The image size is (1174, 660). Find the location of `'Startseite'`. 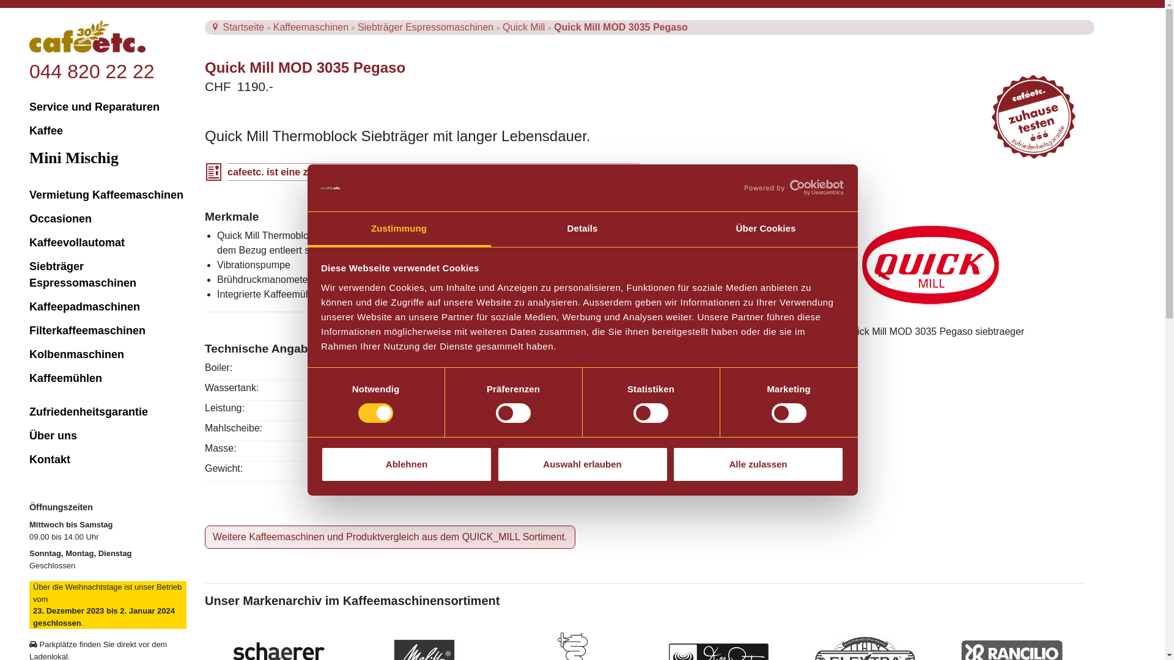

'Startseite' is located at coordinates (223, 27).